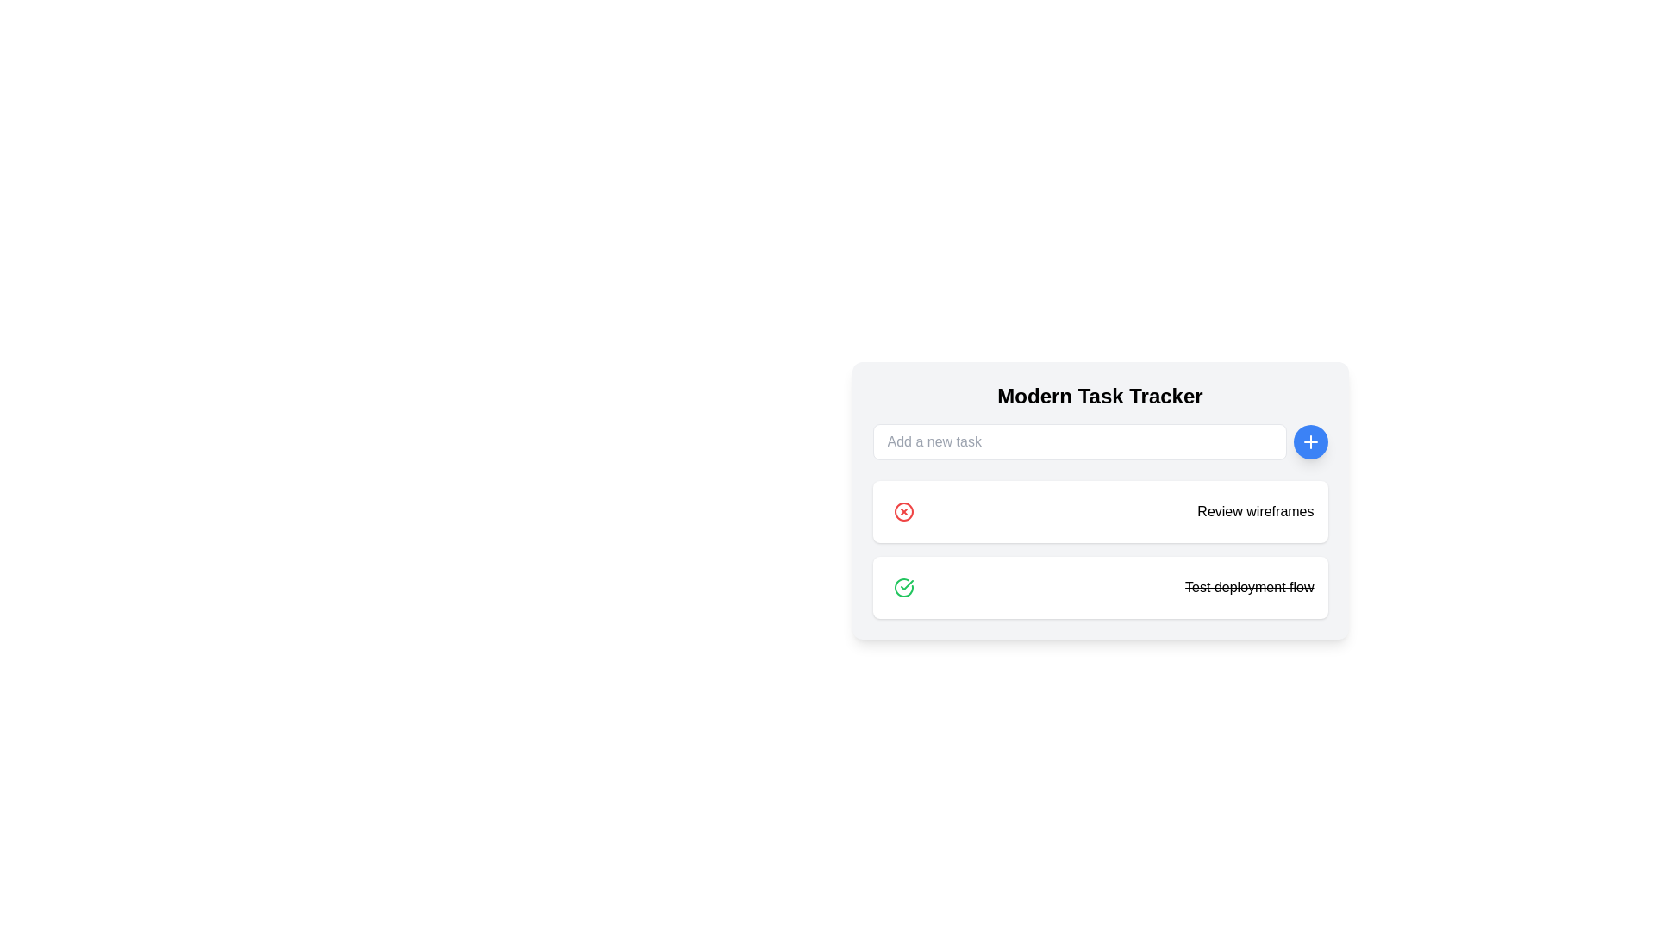 The width and height of the screenshot is (1655, 931). What do you see at coordinates (1255, 511) in the screenshot?
I see `displayed text from the static label 'Review wireframes' located on the second task card in the 'Modern Task Tracker' interface, which is styled with a bold sans-serif font and positioned next to a red circular 'X' deletion icon` at bounding box center [1255, 511].